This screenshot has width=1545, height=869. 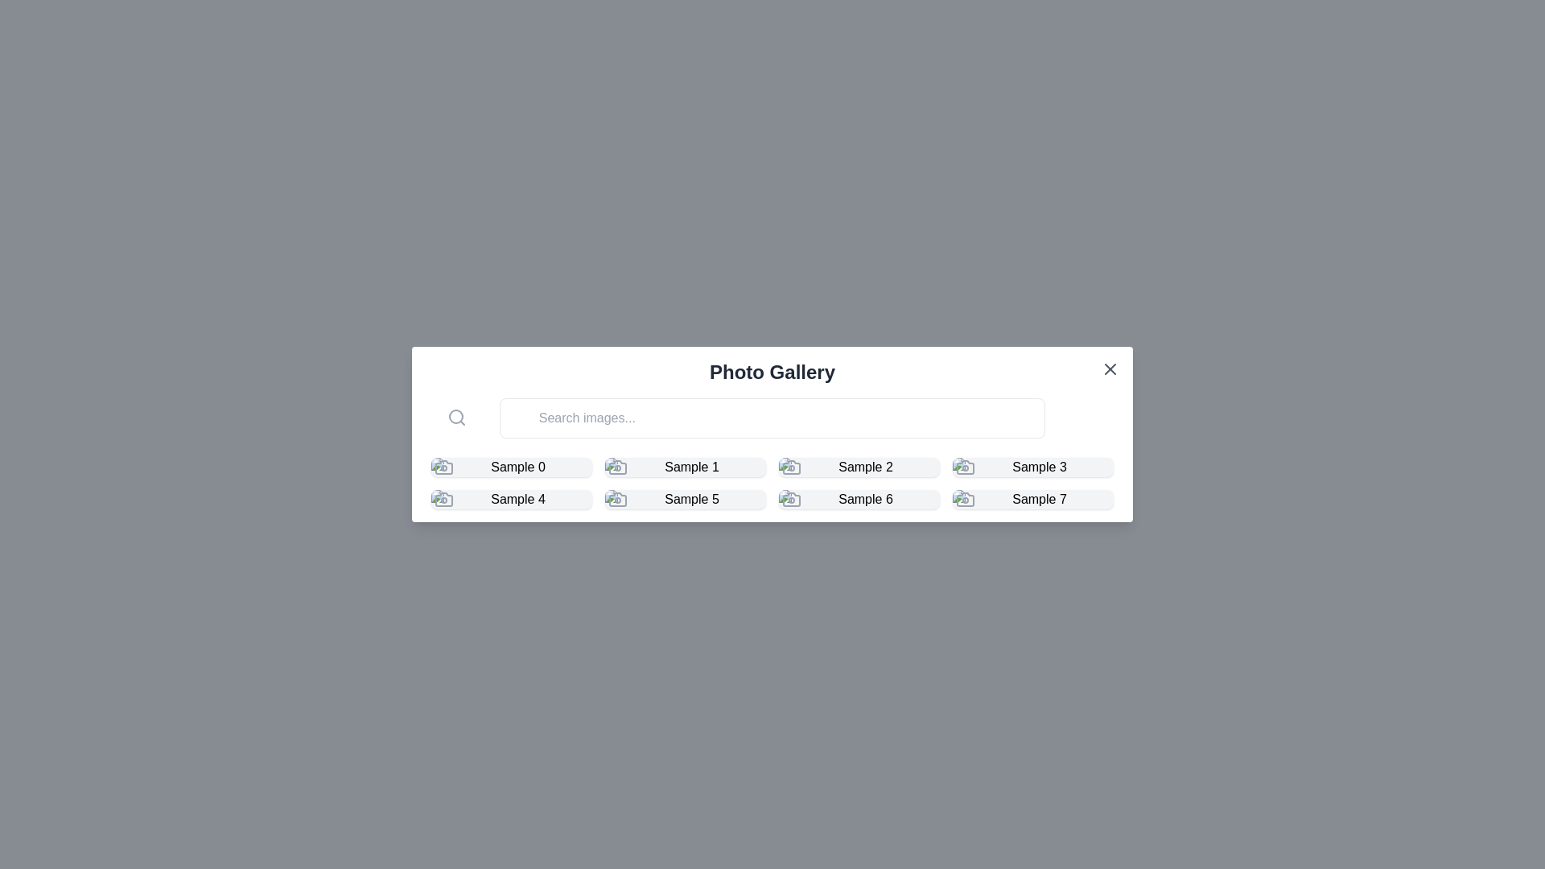 I want to click on the fifth clickable grid item in the photo gallery, so click(x=510, y=499).